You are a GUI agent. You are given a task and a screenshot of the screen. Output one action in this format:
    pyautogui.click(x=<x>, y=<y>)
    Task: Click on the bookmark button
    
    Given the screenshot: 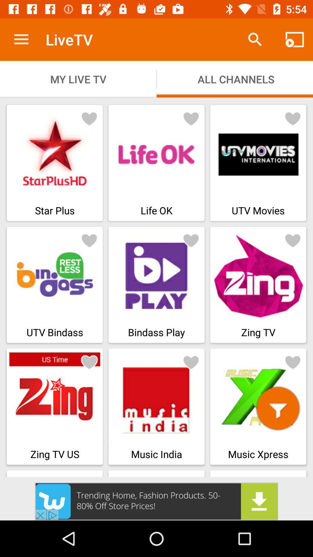 What is the action you would take?
    pyautogui.click(x=89, y=362)
    